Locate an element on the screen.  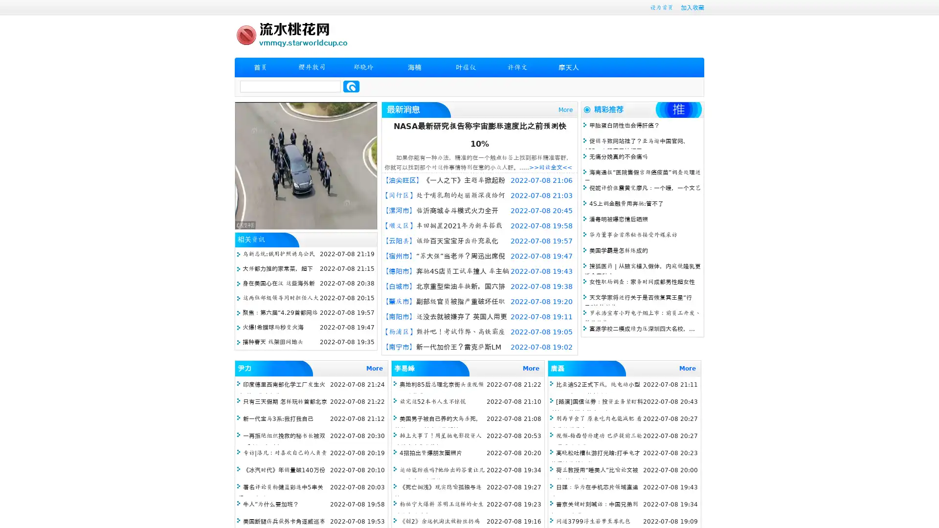
Search is located at coordinates (351, 86).